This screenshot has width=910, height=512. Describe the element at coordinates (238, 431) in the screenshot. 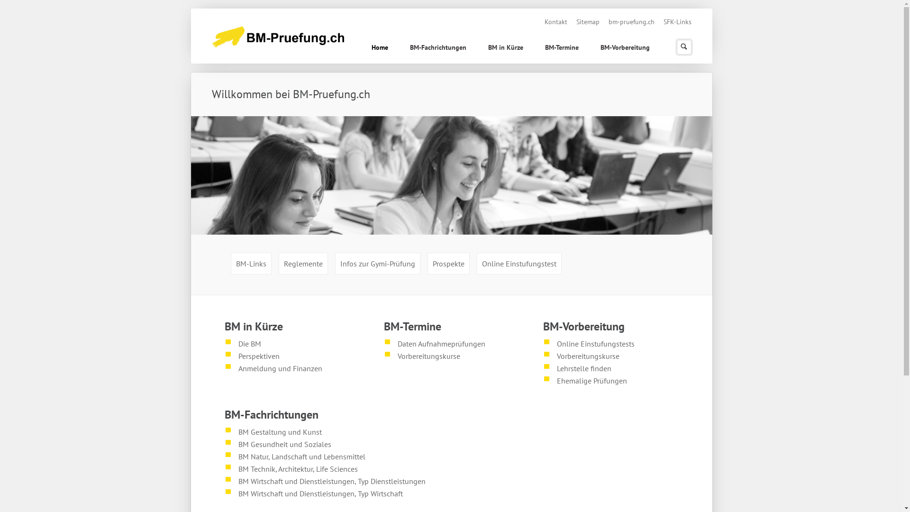

I see `'BM Gestaltung und Kunst'` at that location.